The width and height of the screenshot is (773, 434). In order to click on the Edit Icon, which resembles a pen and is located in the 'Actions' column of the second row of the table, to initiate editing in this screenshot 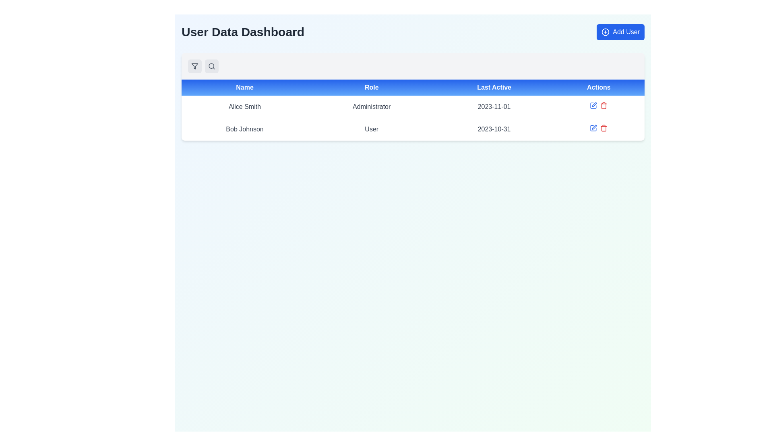, I will do `click(594, 127)`.